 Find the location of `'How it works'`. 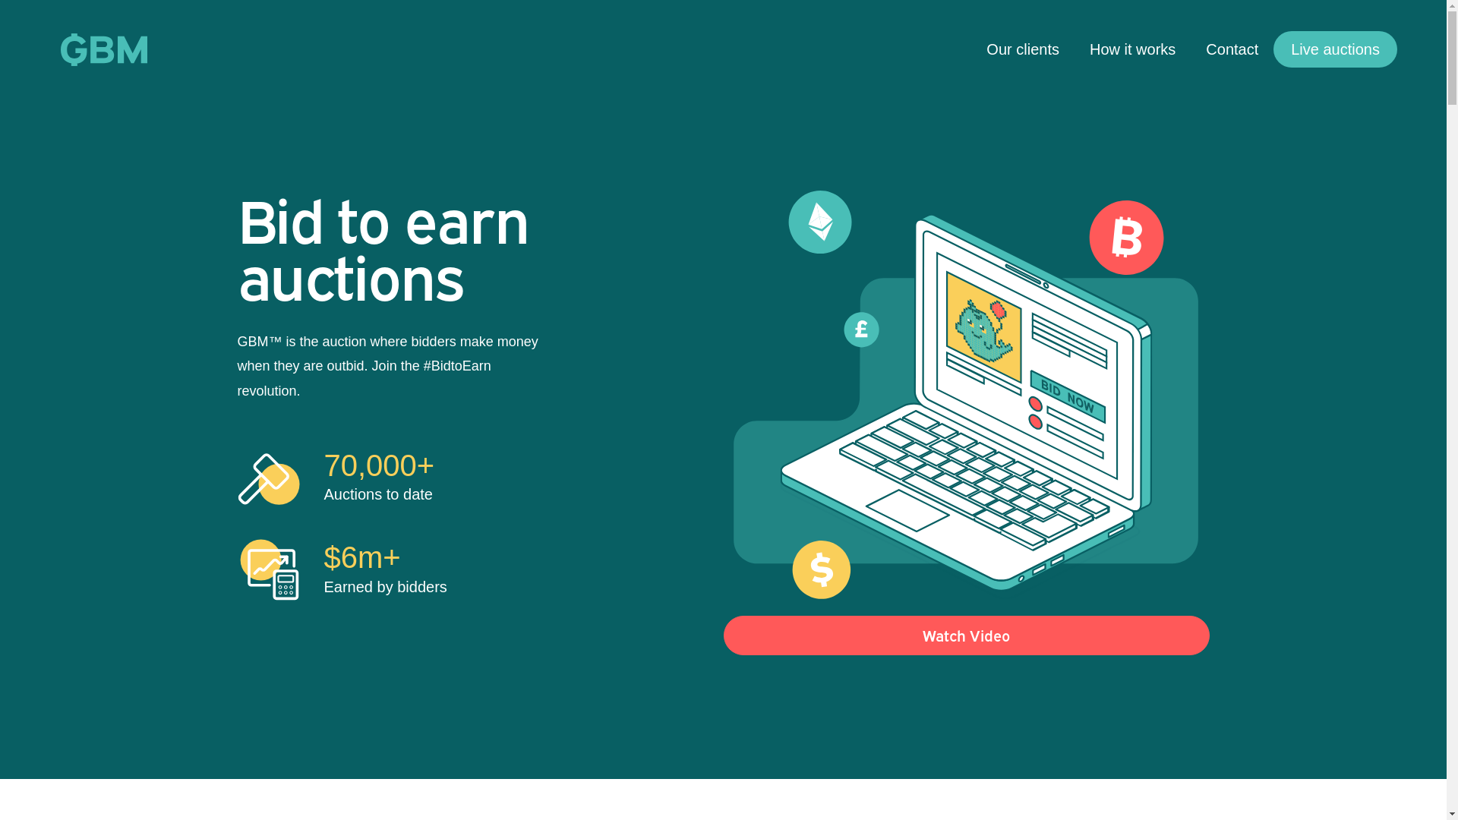

'How it works' is located at coordinates (1132, 49).